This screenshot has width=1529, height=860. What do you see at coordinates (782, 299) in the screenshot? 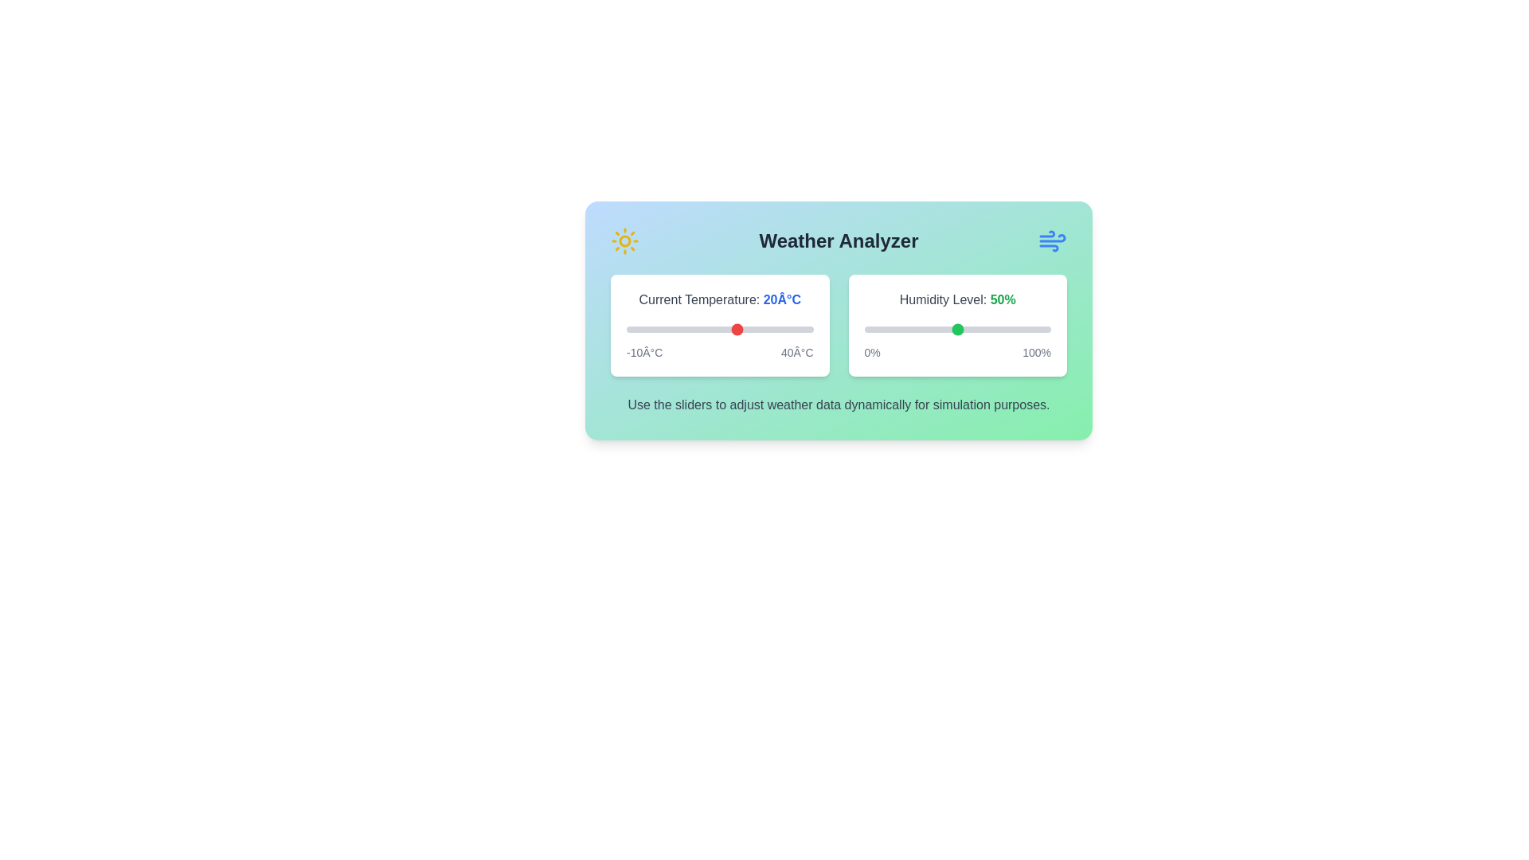
I see `the temperature value text` at bounding box center [782, 299].